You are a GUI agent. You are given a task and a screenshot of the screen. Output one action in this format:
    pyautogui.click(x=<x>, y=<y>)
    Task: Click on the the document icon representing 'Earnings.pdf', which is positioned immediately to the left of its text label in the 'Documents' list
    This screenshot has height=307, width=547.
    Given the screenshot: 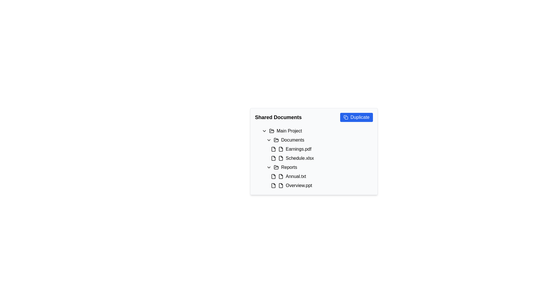 What is the action you would take?
    pyautogui.click(x=281, y=149)
    